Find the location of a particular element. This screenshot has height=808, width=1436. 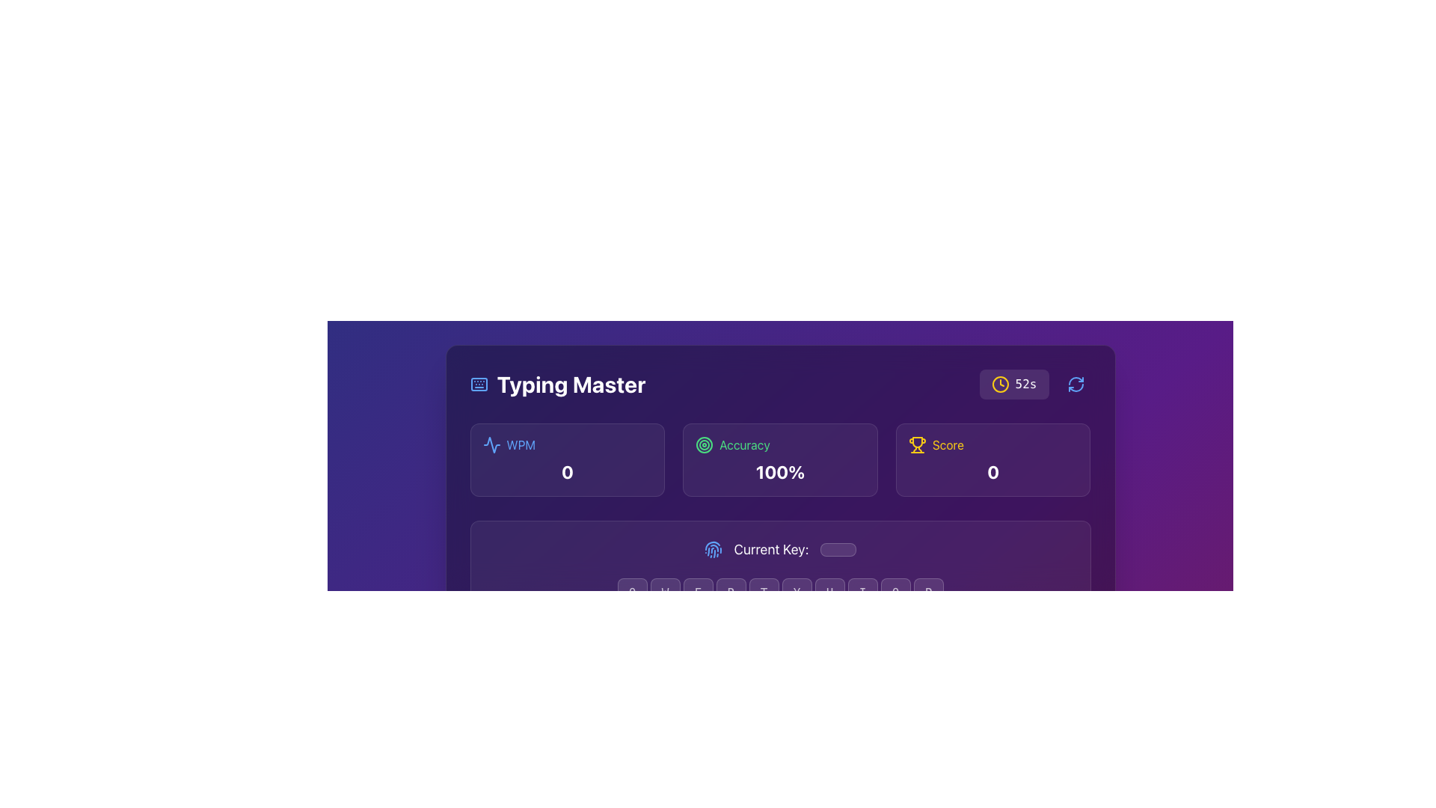

the 'S' button, which is part of a keyboard-like interface is located at coordinates (681, 628).